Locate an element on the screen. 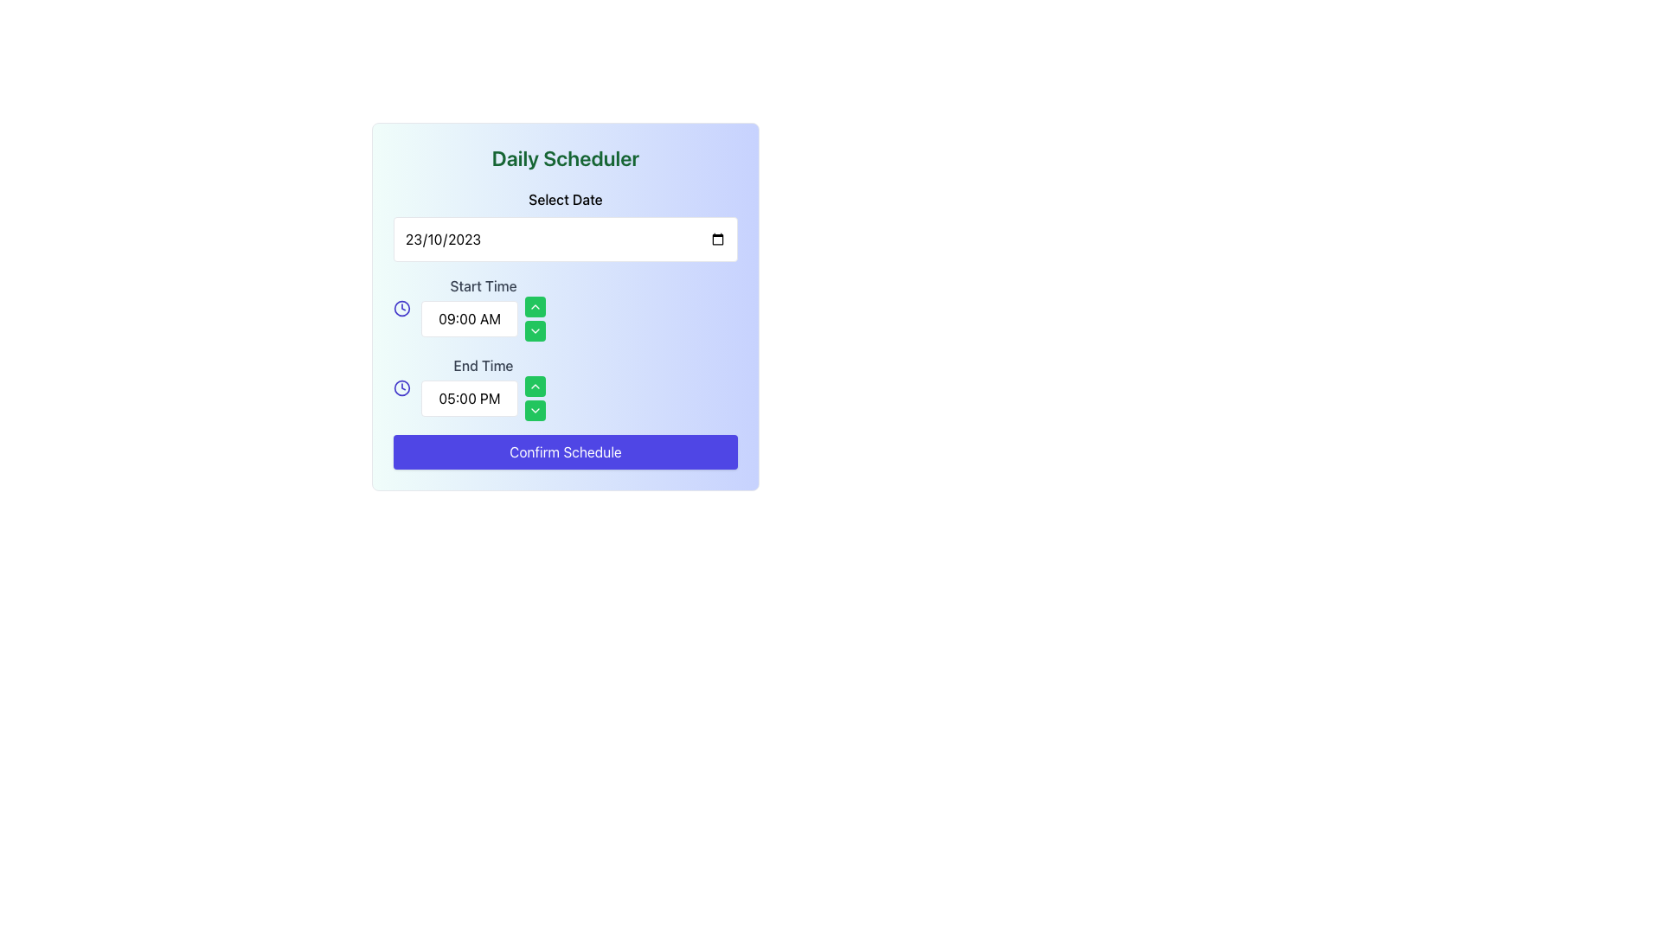 This screenshot has width=1661, height=934. the text input field for the start time located under the 'Start Time' label in the 'Daily Scheduler' interface to focus on it is located at coordinates (469, 319).